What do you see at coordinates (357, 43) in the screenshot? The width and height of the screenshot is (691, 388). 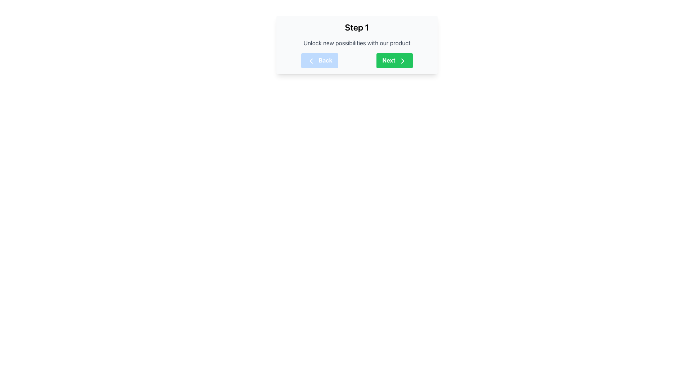 I see `the text element displaying 'Unlock new possibilities with our product', which is centrally located below 'Step 1'` at bounding box center [357, 43].